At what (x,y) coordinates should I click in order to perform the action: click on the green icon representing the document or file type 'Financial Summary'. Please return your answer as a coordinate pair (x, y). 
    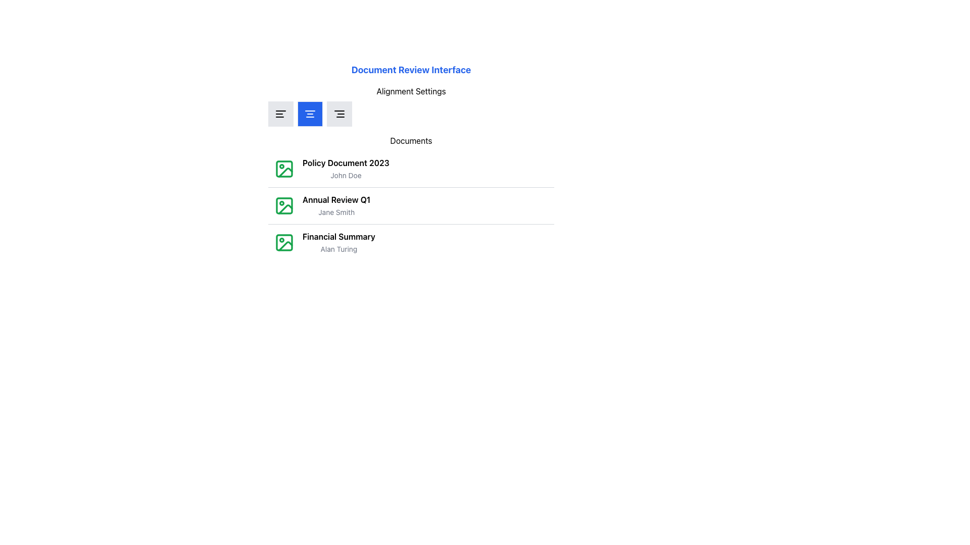
    Looking at the image, I should click on (283, 243).